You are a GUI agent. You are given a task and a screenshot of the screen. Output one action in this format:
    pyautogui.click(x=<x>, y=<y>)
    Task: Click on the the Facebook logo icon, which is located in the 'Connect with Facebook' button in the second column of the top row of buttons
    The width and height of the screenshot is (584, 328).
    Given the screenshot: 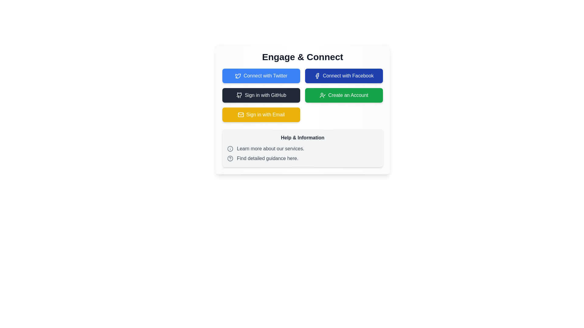 What is the action you would take?
    pyautogui.click(x=317, y=76)
    